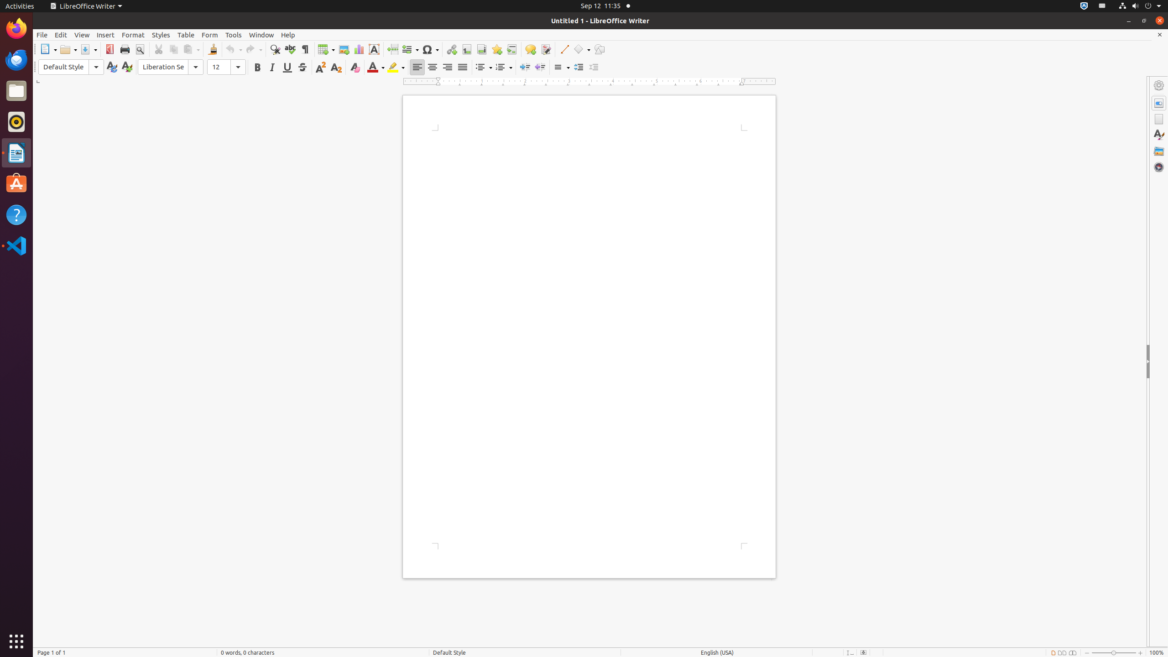  Describe the element at coordinates (483, 67) in the screenshot. I see `'Bullets'` at that location.